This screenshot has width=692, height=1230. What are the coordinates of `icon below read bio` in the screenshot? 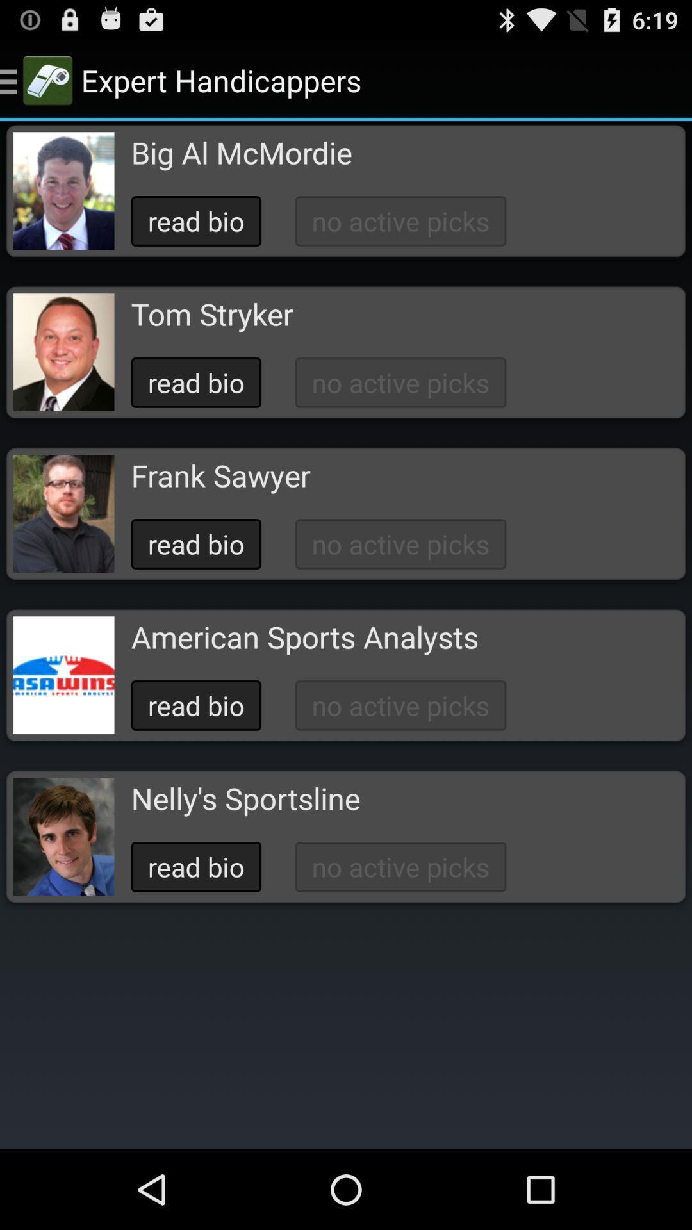 It's located at (211, 314).